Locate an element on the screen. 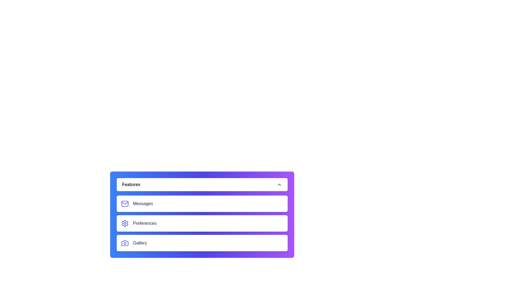  the menu item labeled Messages to inspect its icon is located at coordinates (202, 203).